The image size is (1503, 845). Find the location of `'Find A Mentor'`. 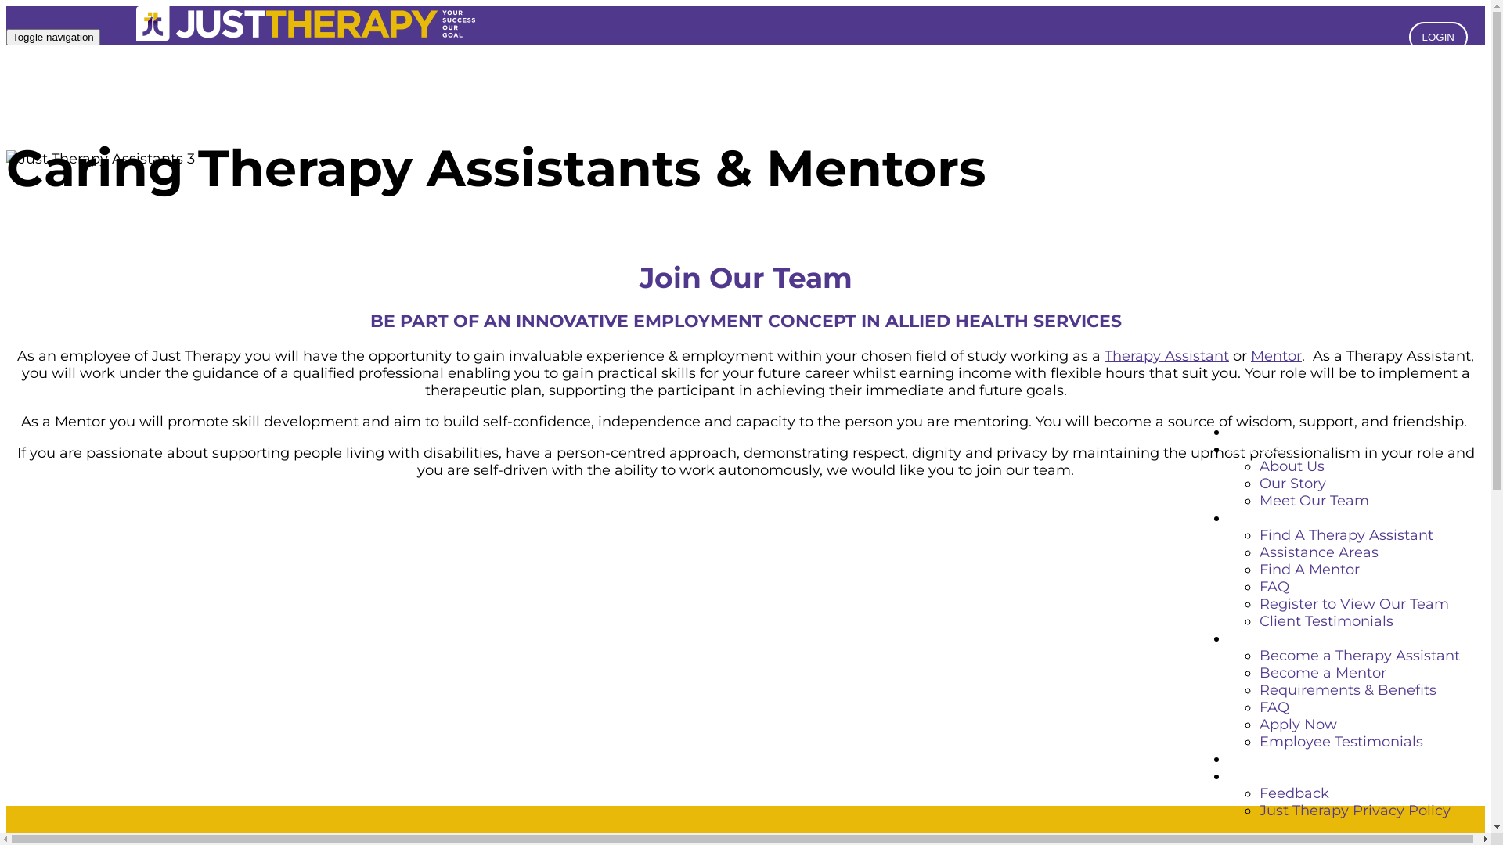

'Find A Mentor' is located at coordinates (1310, 570).